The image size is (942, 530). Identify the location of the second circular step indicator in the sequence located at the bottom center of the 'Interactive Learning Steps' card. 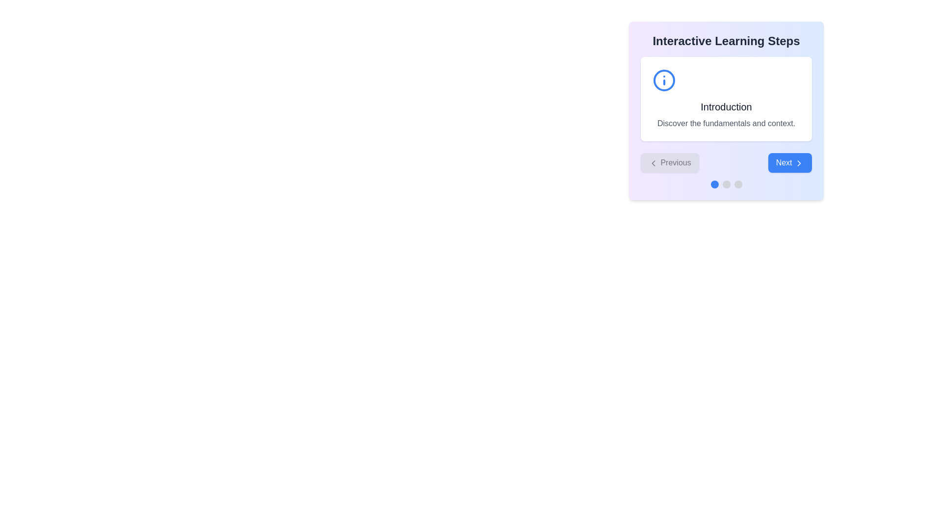
(726, 184).